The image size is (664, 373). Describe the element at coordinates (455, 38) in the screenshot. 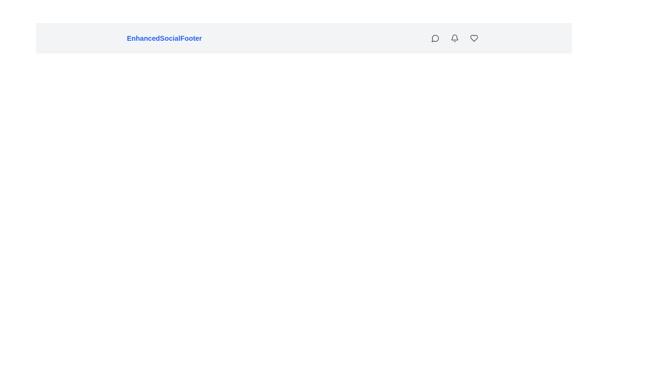

I see `the notification button located third from the left in the header section` at that location.